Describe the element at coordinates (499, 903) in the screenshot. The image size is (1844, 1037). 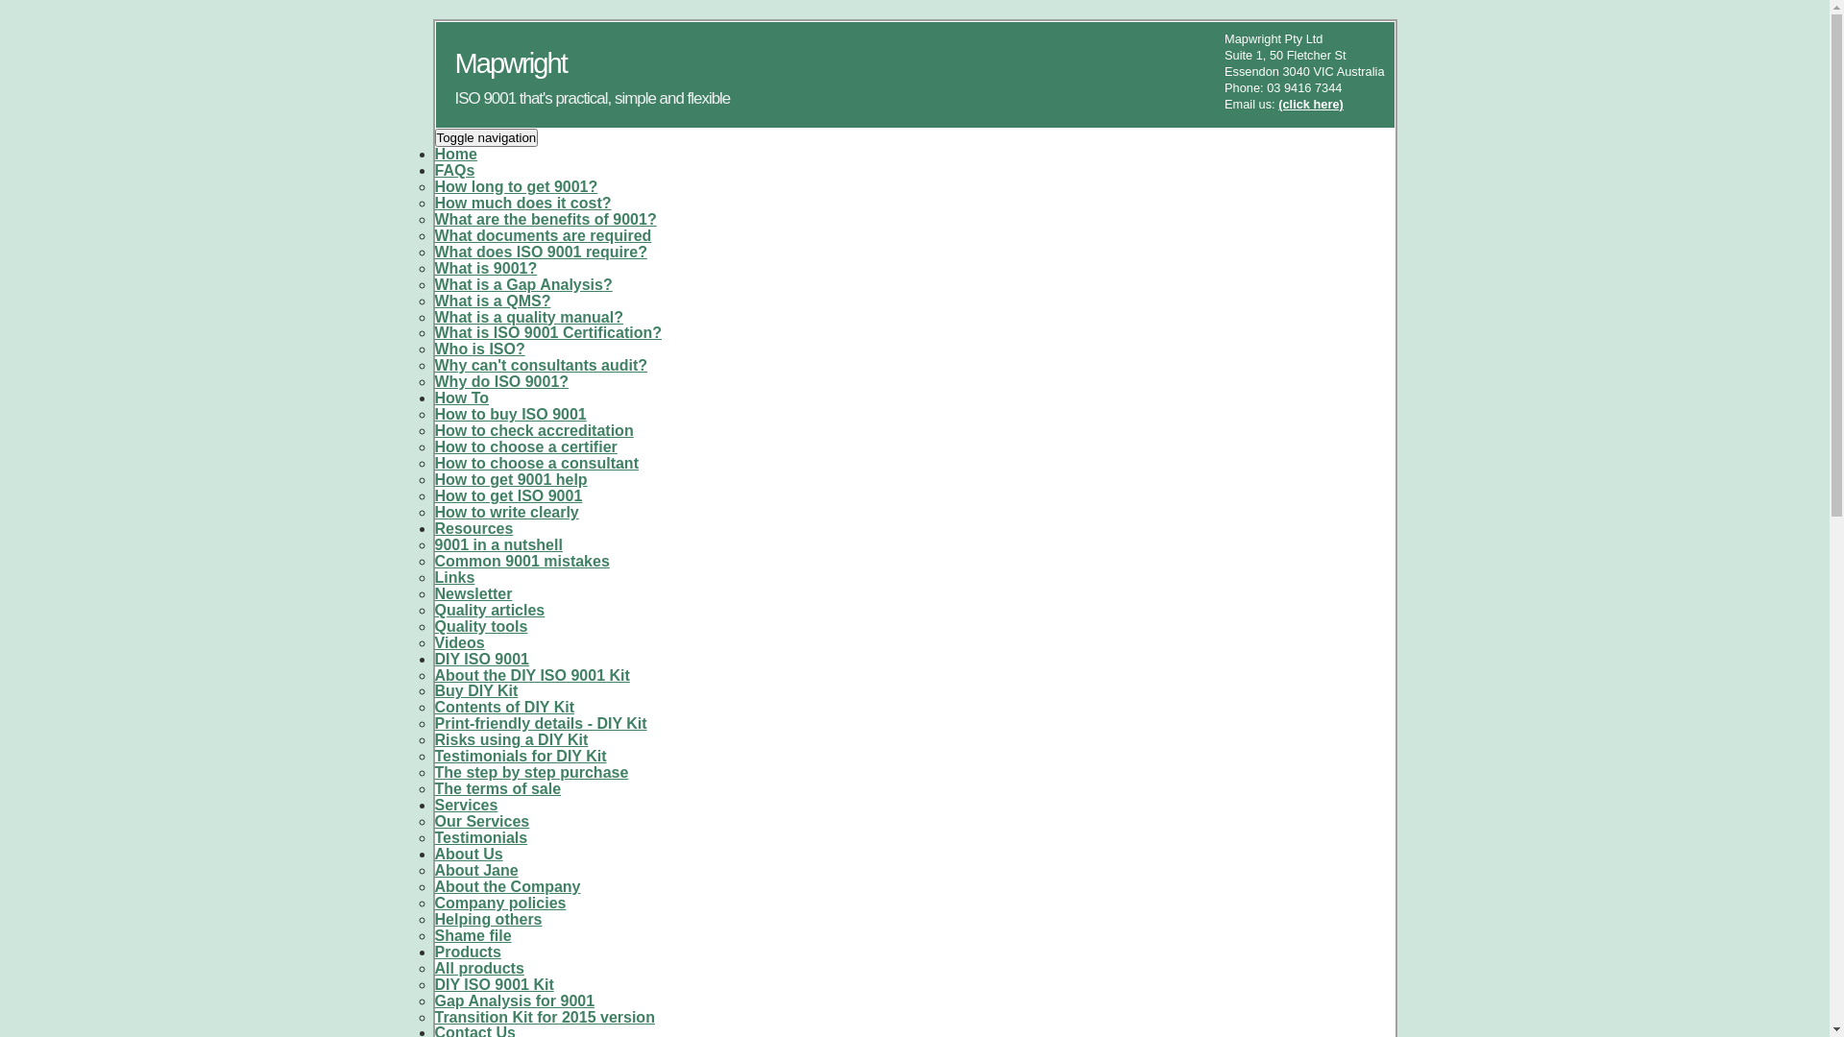
I see `'Company policies'` at that location.